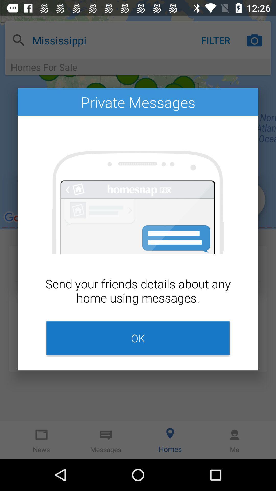 The width and height of the screenshot is (276, 491). What do you see at coordinates (138, 338) in the screenshot?
I see `ok` at bounding box center [138, 338].